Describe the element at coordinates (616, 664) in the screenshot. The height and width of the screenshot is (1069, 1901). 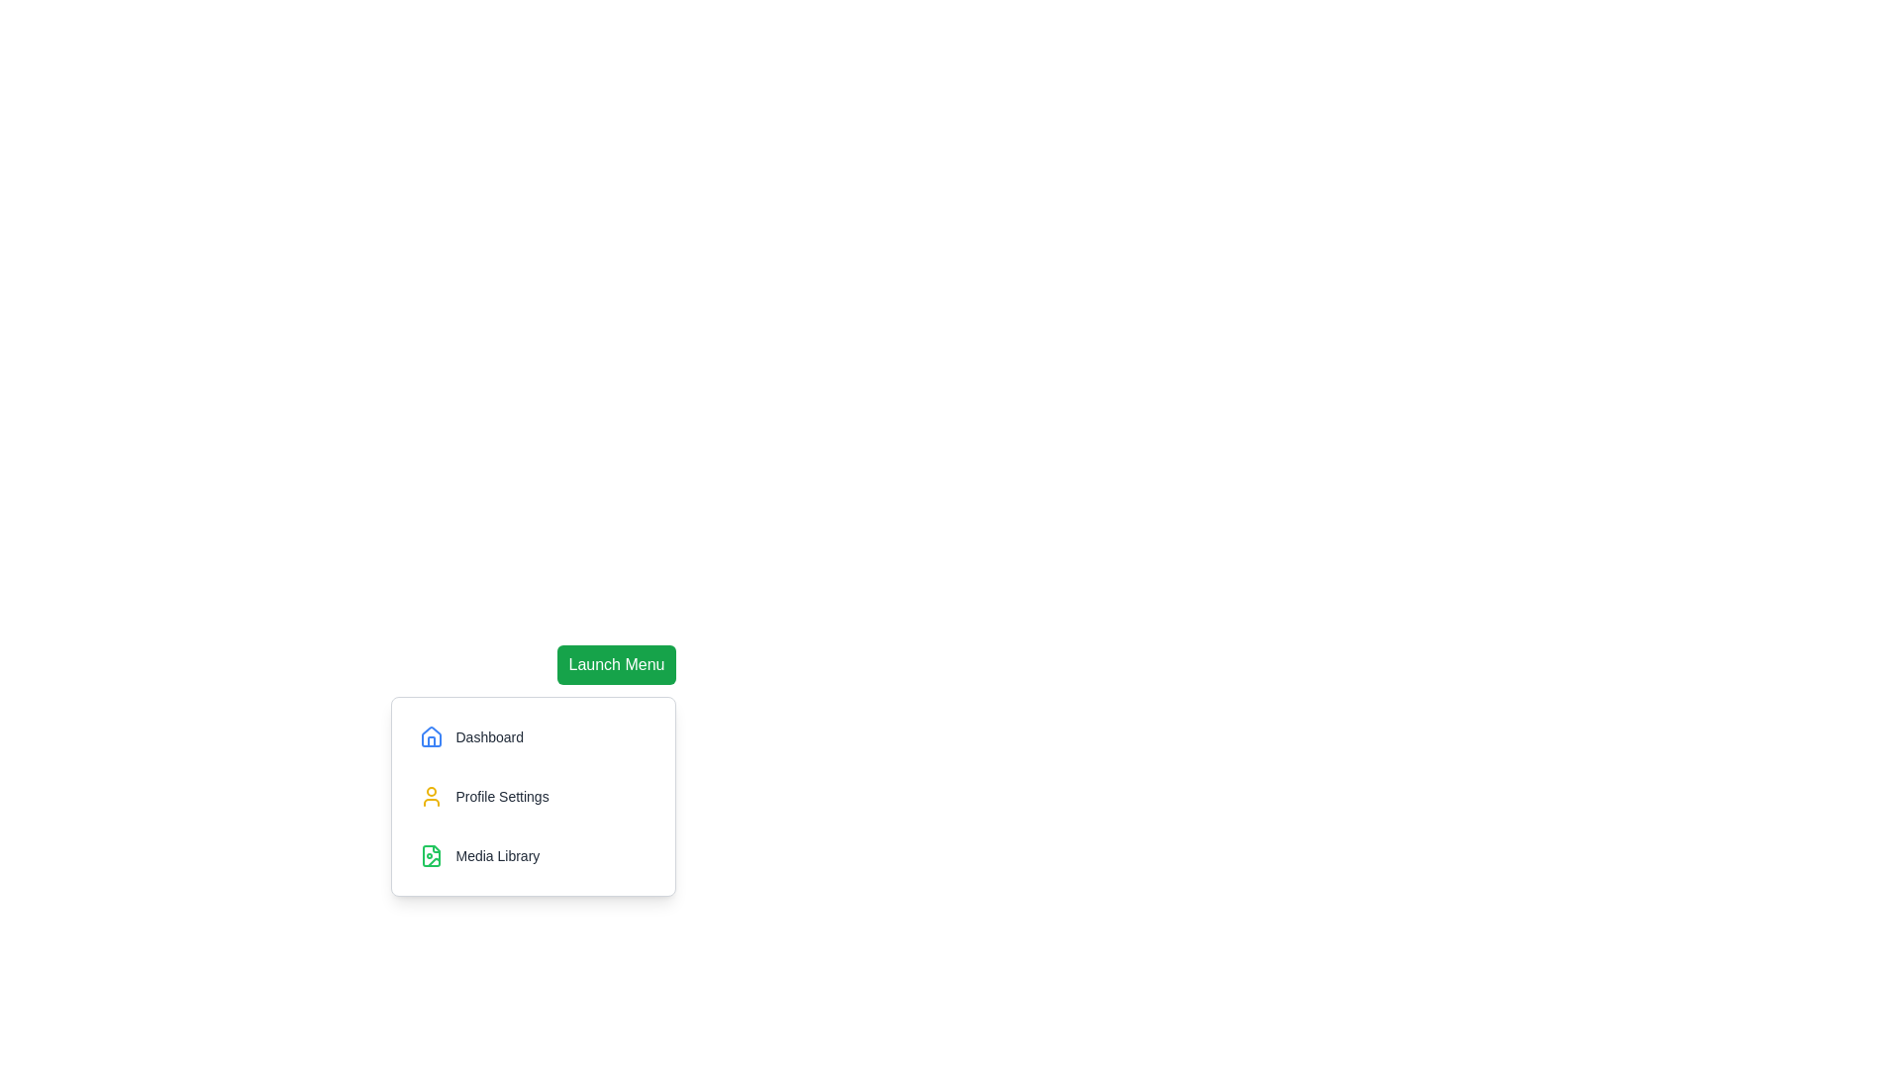
I see `the button located at the top-right corner of the dropdown menu that activates related options like 'Dashboard', 'Profile Settings', and 'Media Library'` at that location.